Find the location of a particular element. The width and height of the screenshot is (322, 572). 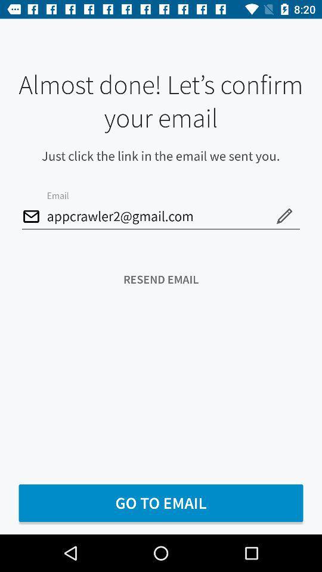

the icon below appcrawler2@gmail.com icon is located at coordinates (161, 279).